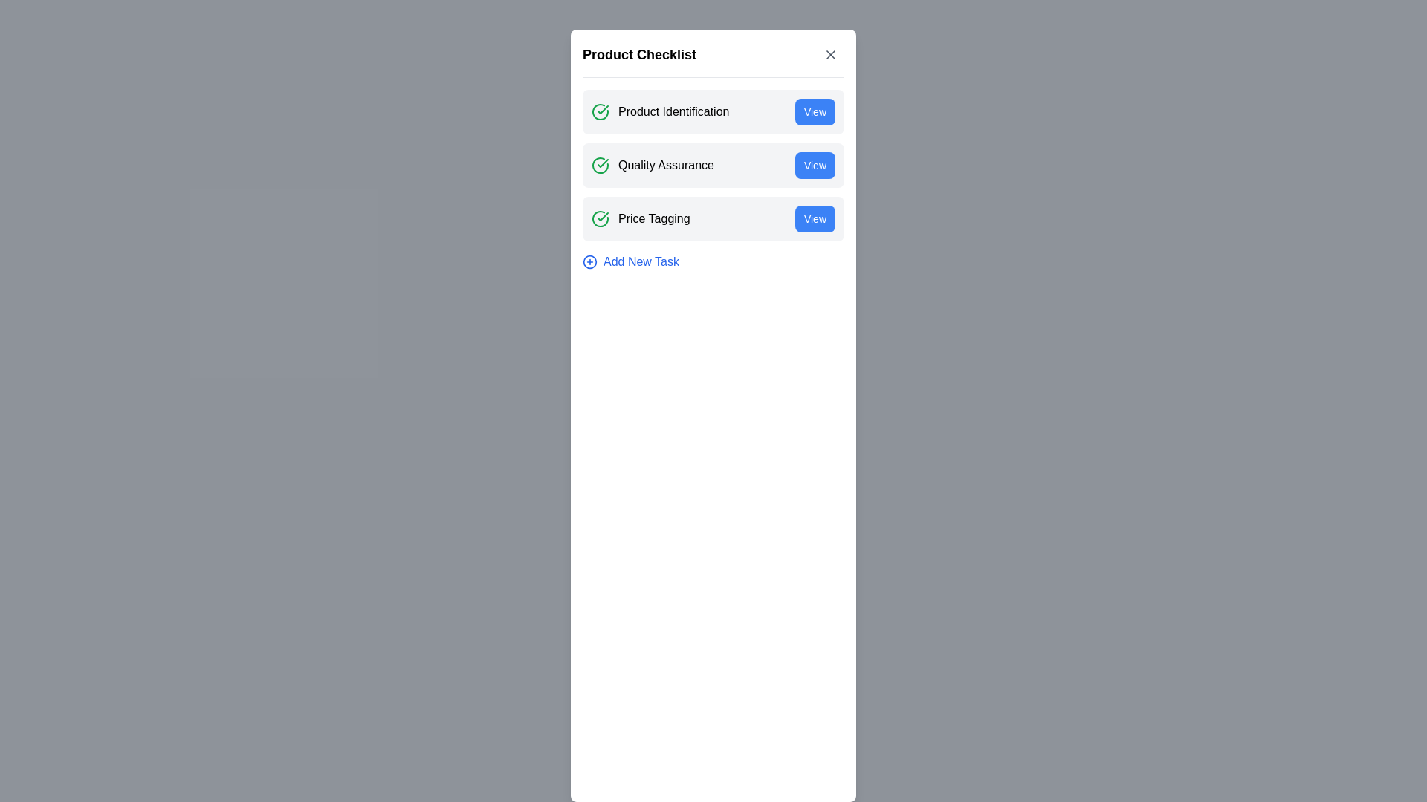  Describe the element at coordinates (641, 218) in the screenshot. I see `the Row labeled 'Price Tagging' which contains a green check mark icon, positioned between 'Quality Assurance' and the 'View' button` at that location.